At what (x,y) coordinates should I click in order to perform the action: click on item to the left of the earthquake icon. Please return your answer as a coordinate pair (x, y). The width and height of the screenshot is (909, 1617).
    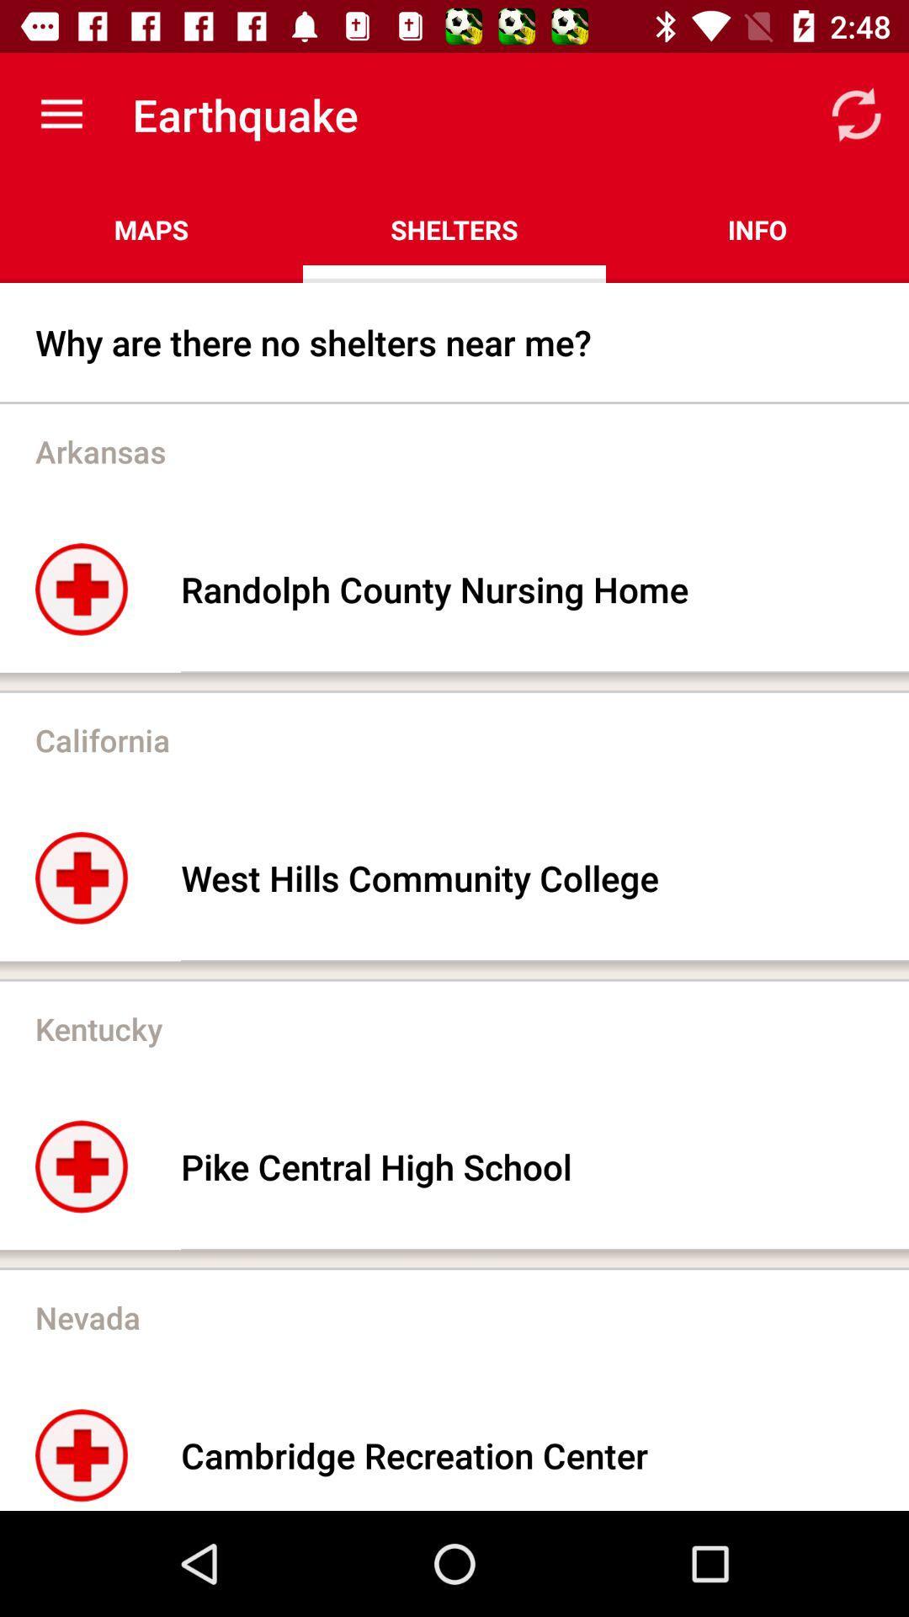
    Looking at the image, I should click on (61, 114).